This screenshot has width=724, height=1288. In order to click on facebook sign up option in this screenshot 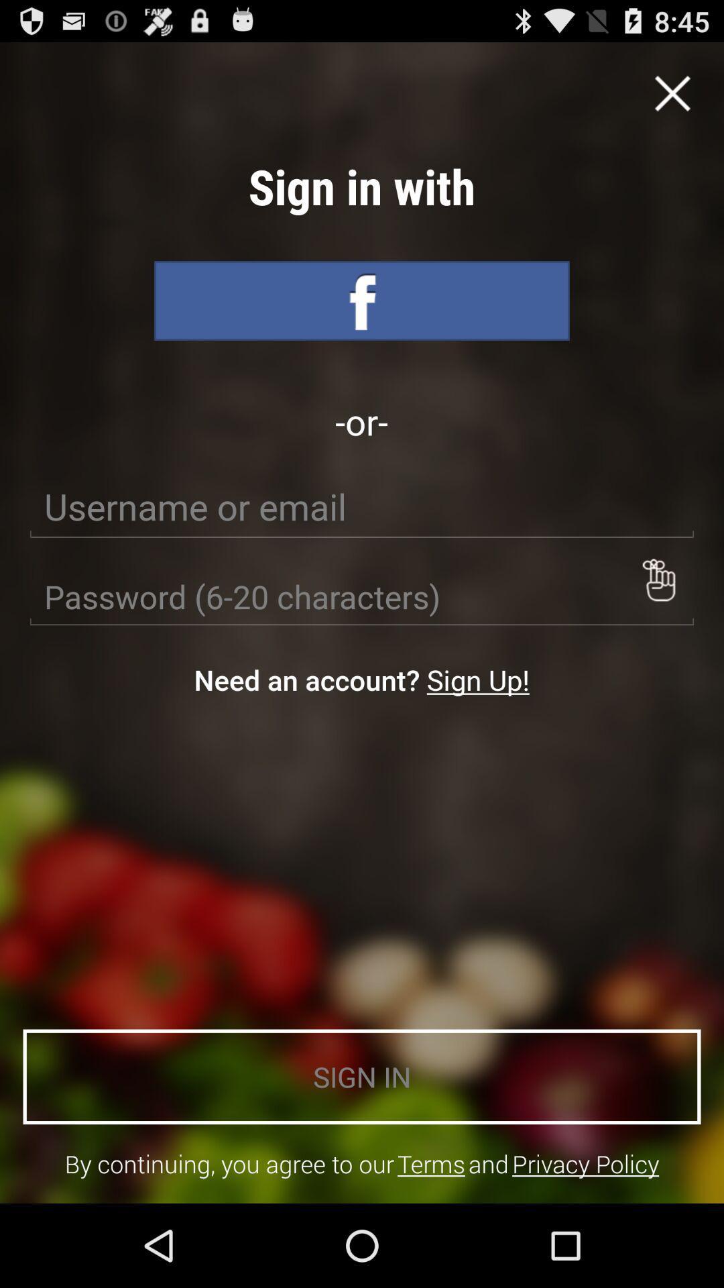, I will do `click(362, 300)`.